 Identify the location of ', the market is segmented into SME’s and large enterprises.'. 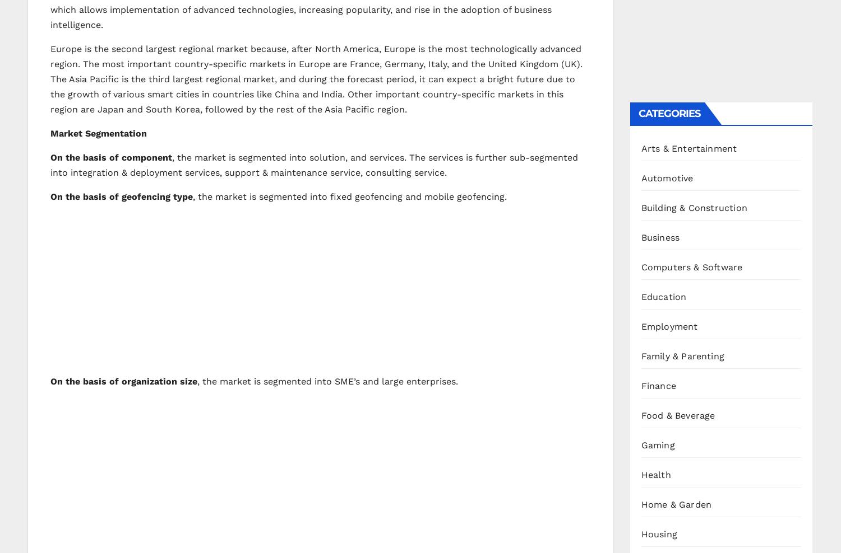
(327, 381).